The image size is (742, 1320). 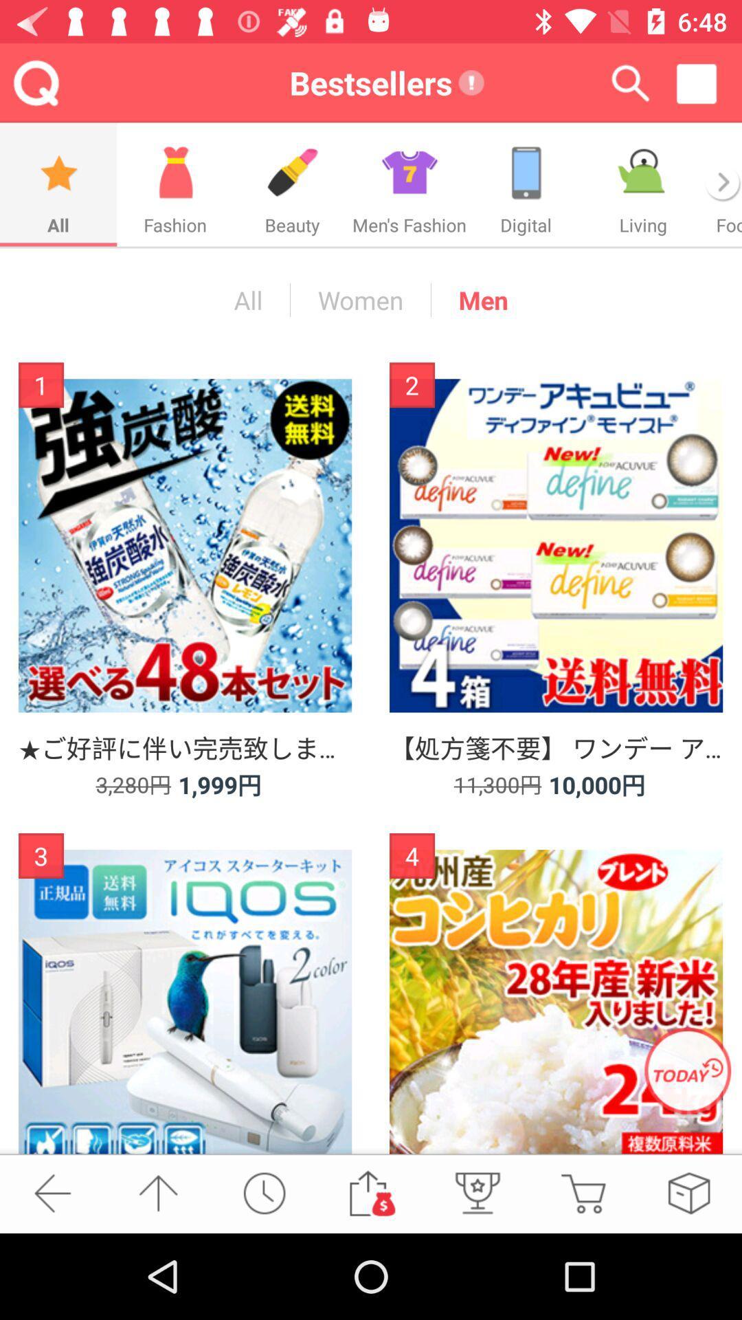 I want to click on the time icon, so click(x=264, y=1192).